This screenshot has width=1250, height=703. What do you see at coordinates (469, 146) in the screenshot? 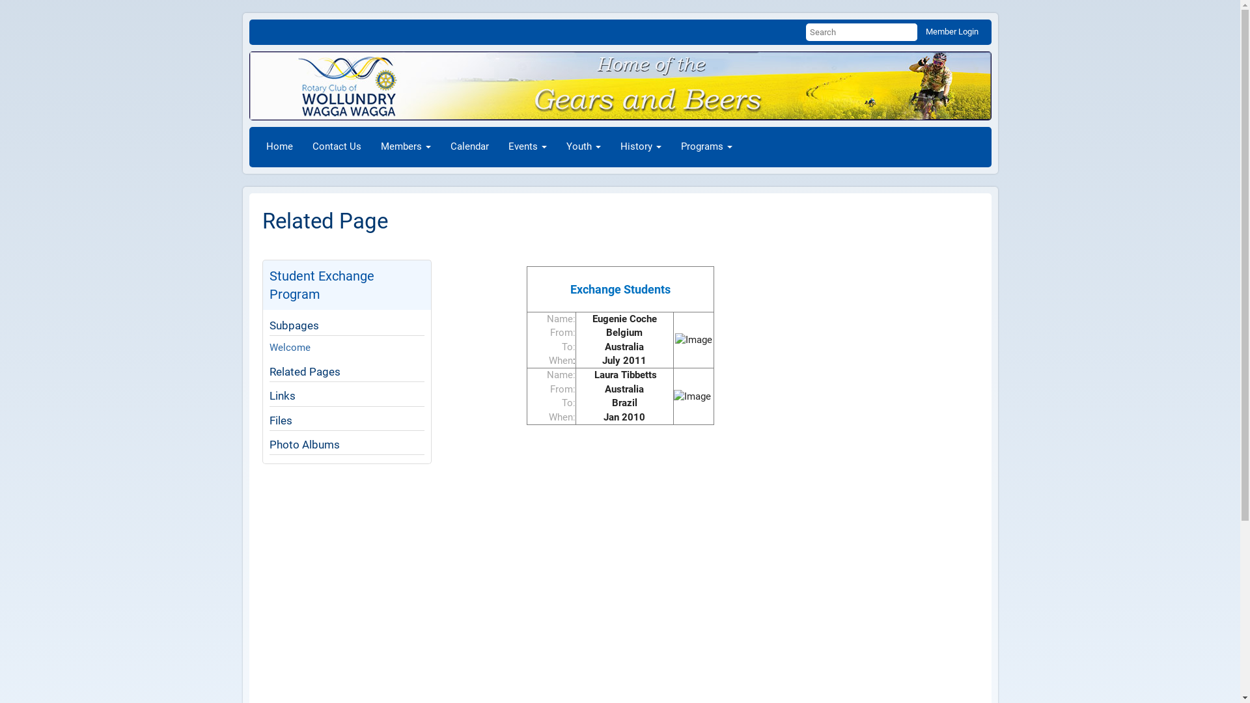
I see `'Calendar'` at bounding box center [469, 146].